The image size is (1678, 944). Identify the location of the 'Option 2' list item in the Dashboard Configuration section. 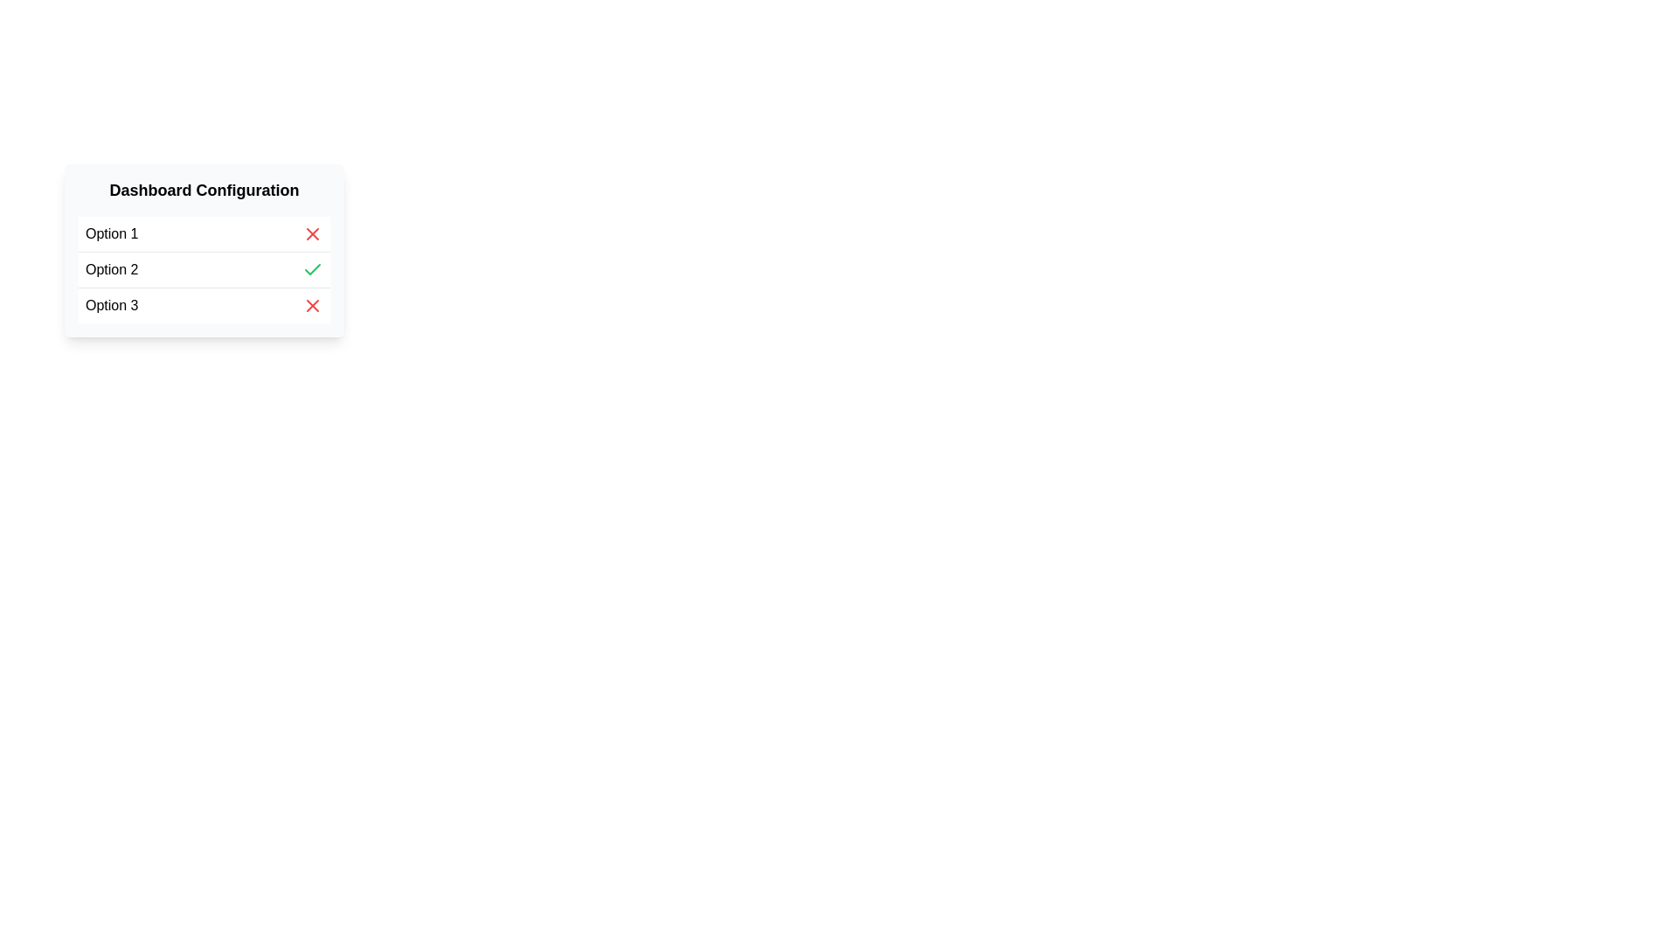
(205, 270).